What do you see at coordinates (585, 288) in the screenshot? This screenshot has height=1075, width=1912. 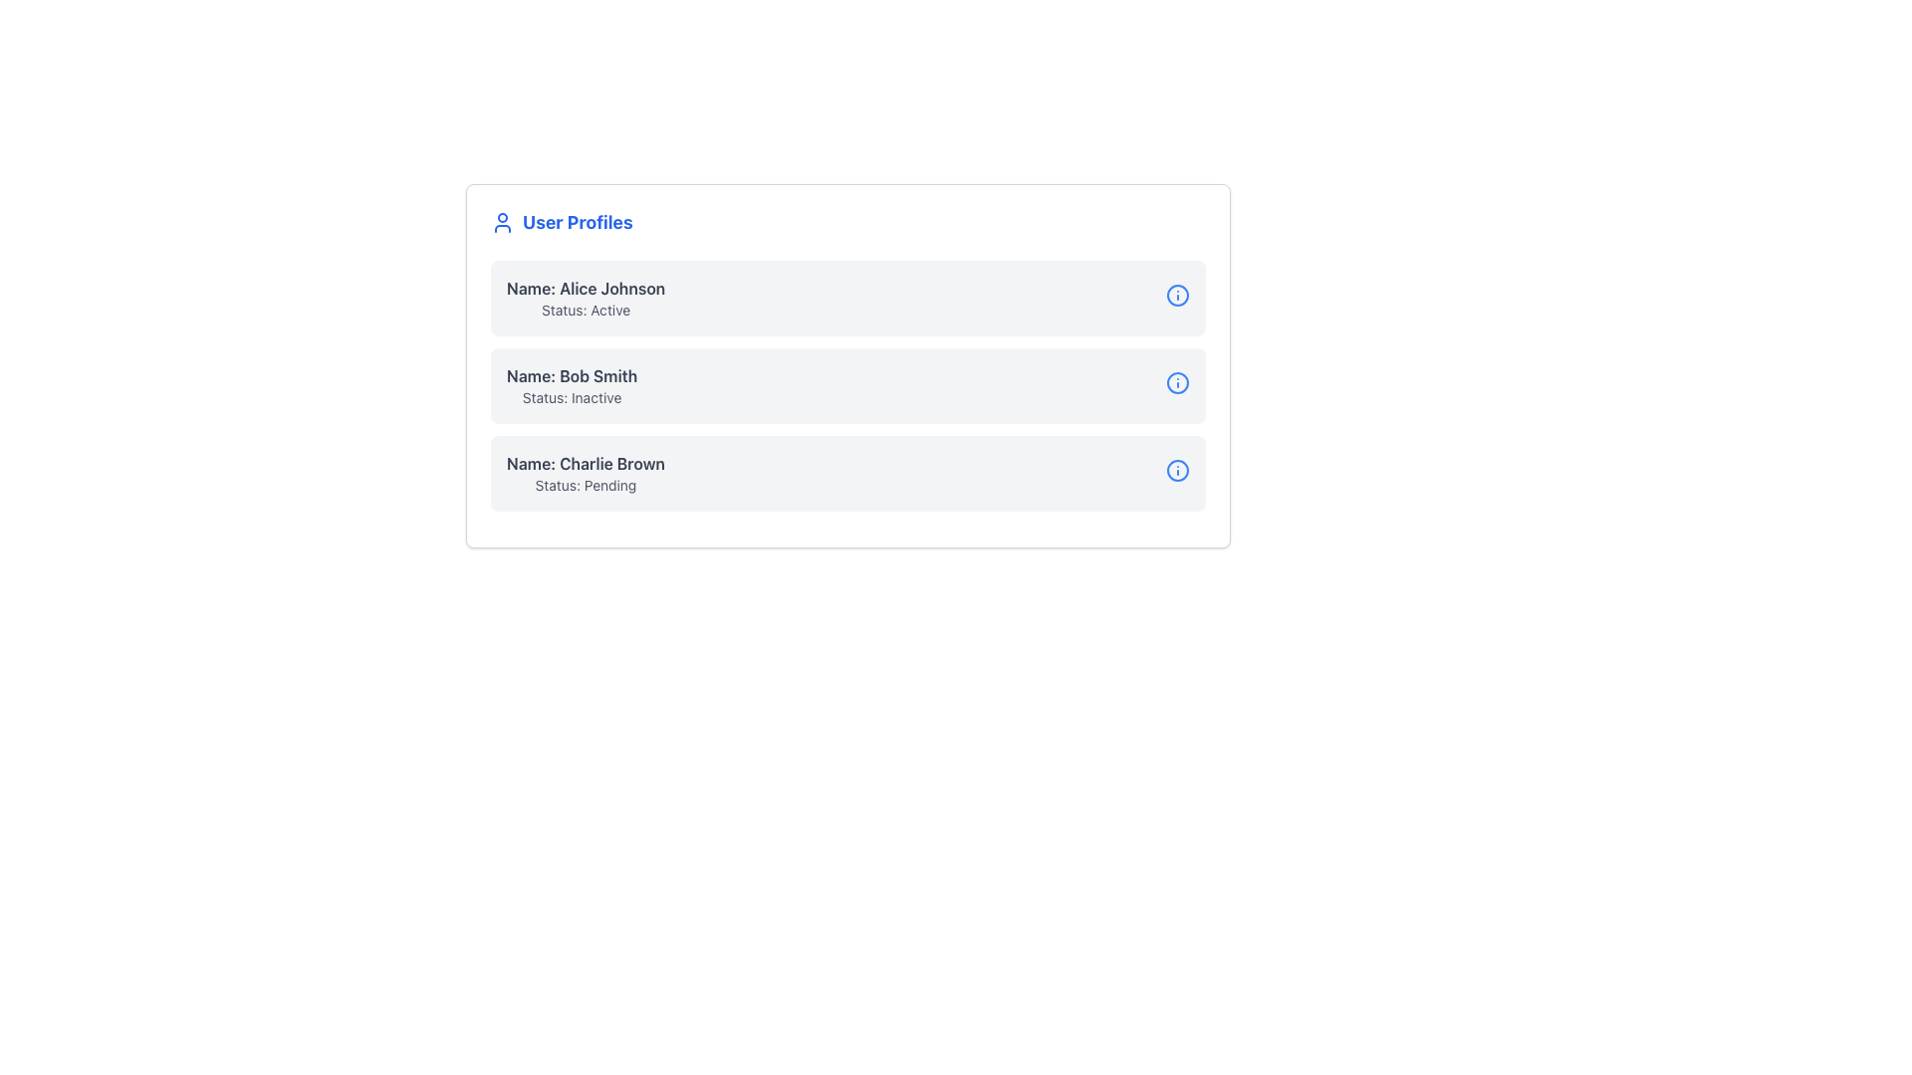 I see `the text element that labels` at bounding box center [585, 288].